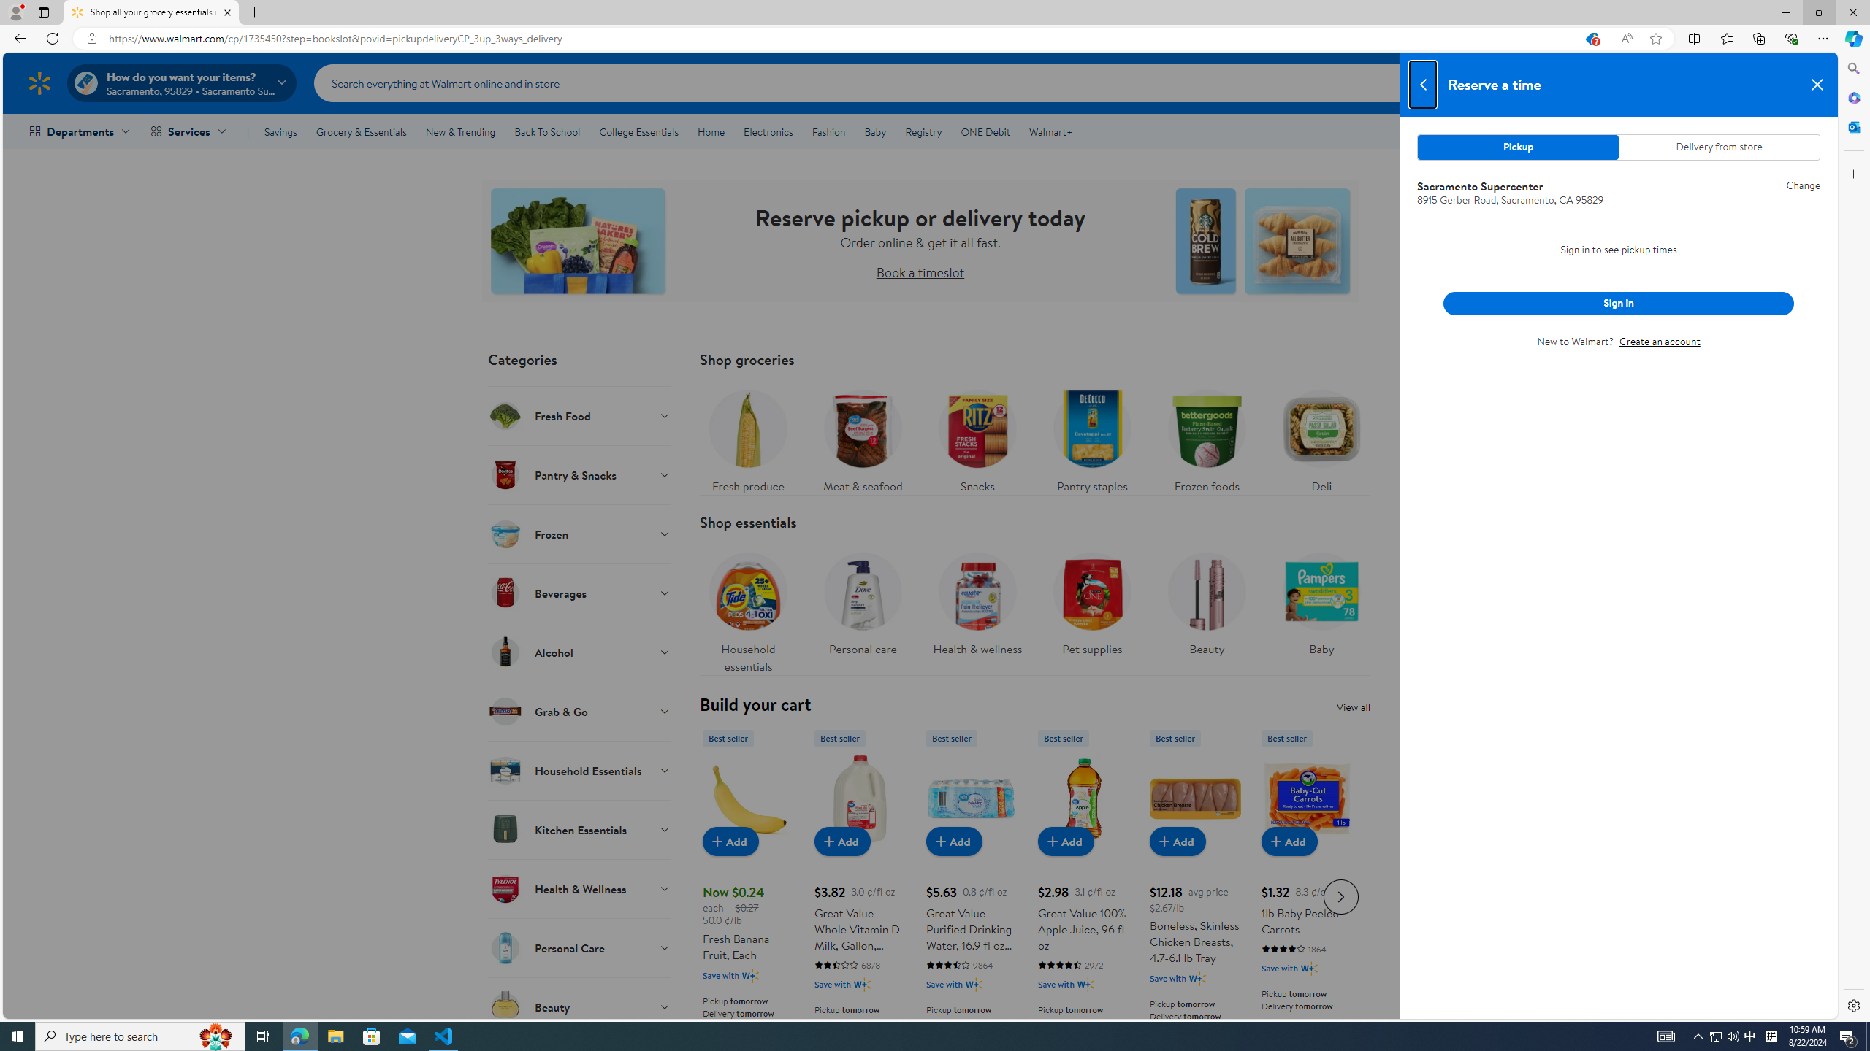  Describe the element at coordinates (579, 534) in the screenshot. I see `'Frozen'` at that location.